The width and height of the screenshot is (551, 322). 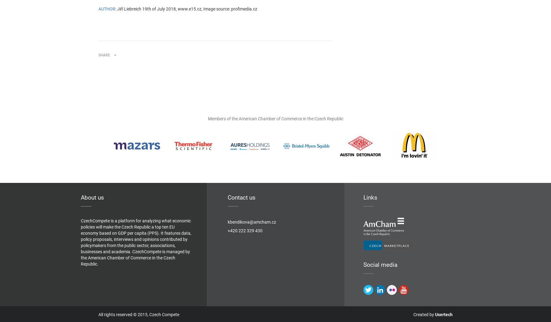 I want to click on 'All rights reserved © 2015, Czech Compete', so click(x=98, y=314).